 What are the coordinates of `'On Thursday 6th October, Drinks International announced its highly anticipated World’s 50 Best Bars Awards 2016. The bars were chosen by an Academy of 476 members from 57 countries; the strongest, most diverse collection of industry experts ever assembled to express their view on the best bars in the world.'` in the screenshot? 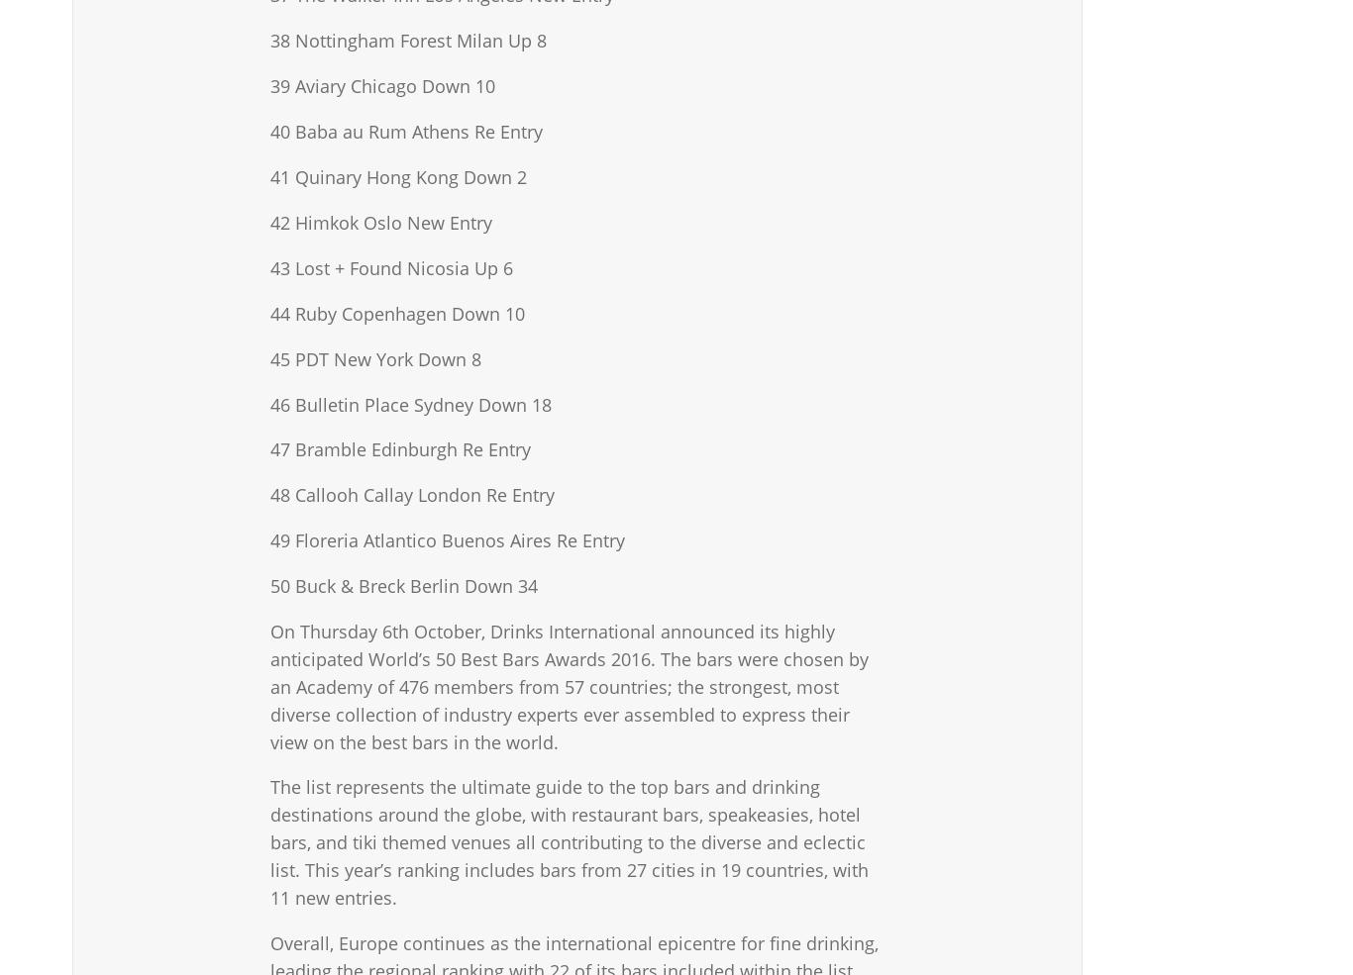 It's located at (568, 686).